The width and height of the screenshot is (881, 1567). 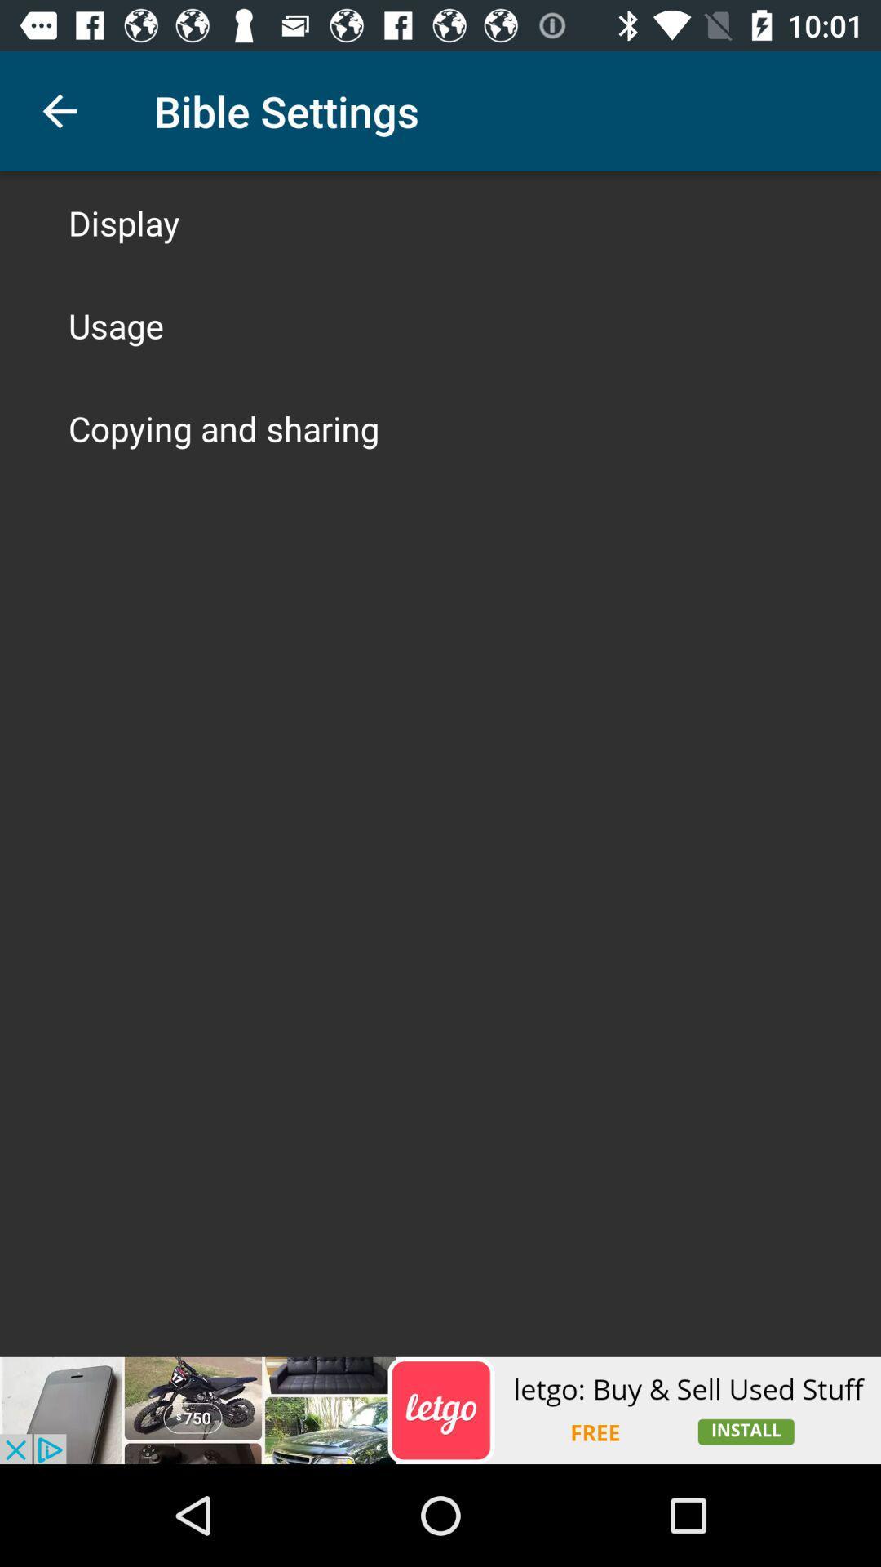 I want to click on the advertisement, so click(x=440, y=1409).